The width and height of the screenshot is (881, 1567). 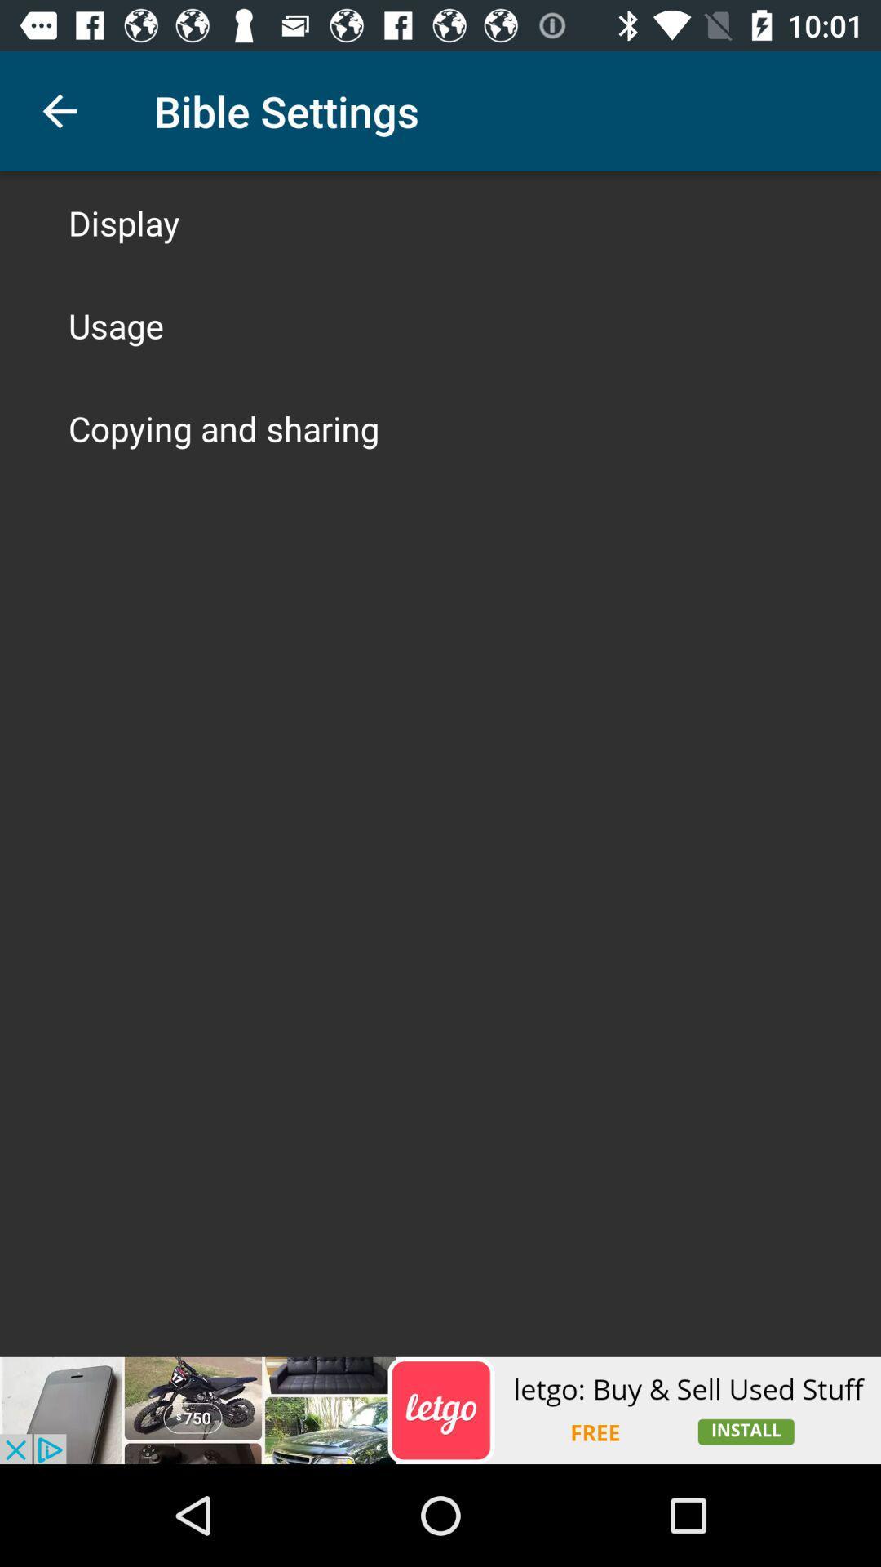 I want to click on the advertisement, so click(x=440, y=1409).